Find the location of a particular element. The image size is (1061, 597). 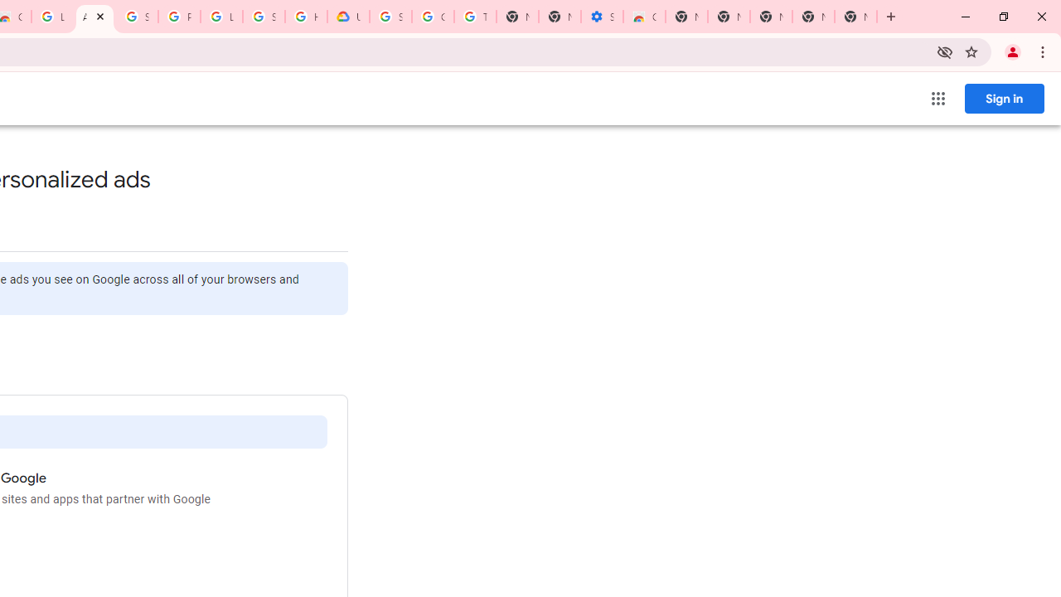

'Bookmark this tab' is located at coordinates (971, 51).